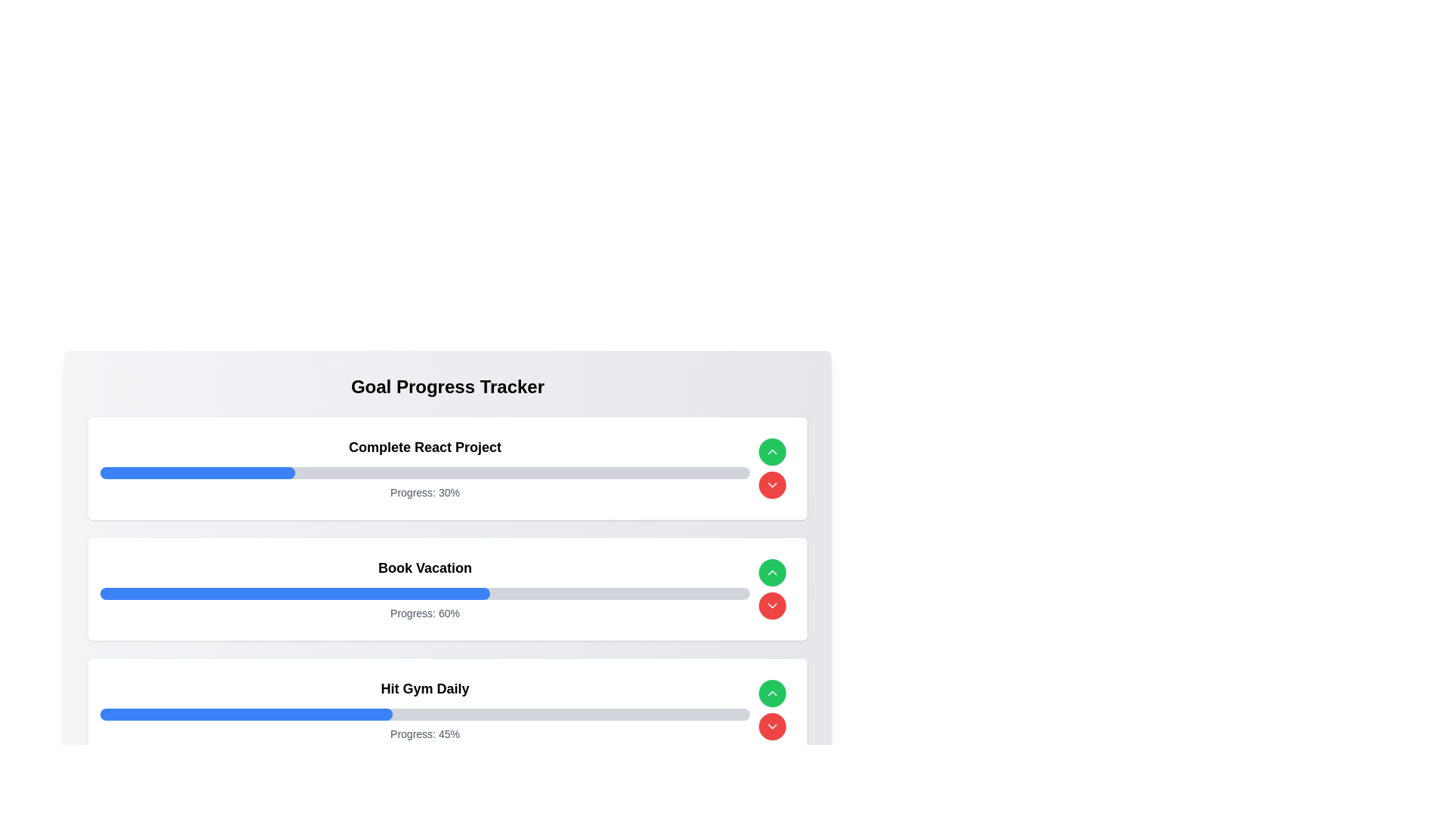 This screenshot has width=1450, height=815. I want to click on the Text Label that indicates a specific task or goal within the application, positioned above a progress bar and below the task 'Complete React Project', so click(424, 567).